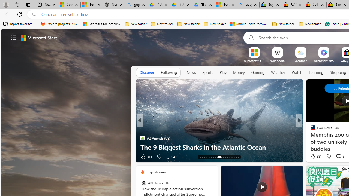  What do you see at coordinates (234, 157) in the screenshot?
I see `'AutomationID: tab-27'` at bounding box center [234, 157].